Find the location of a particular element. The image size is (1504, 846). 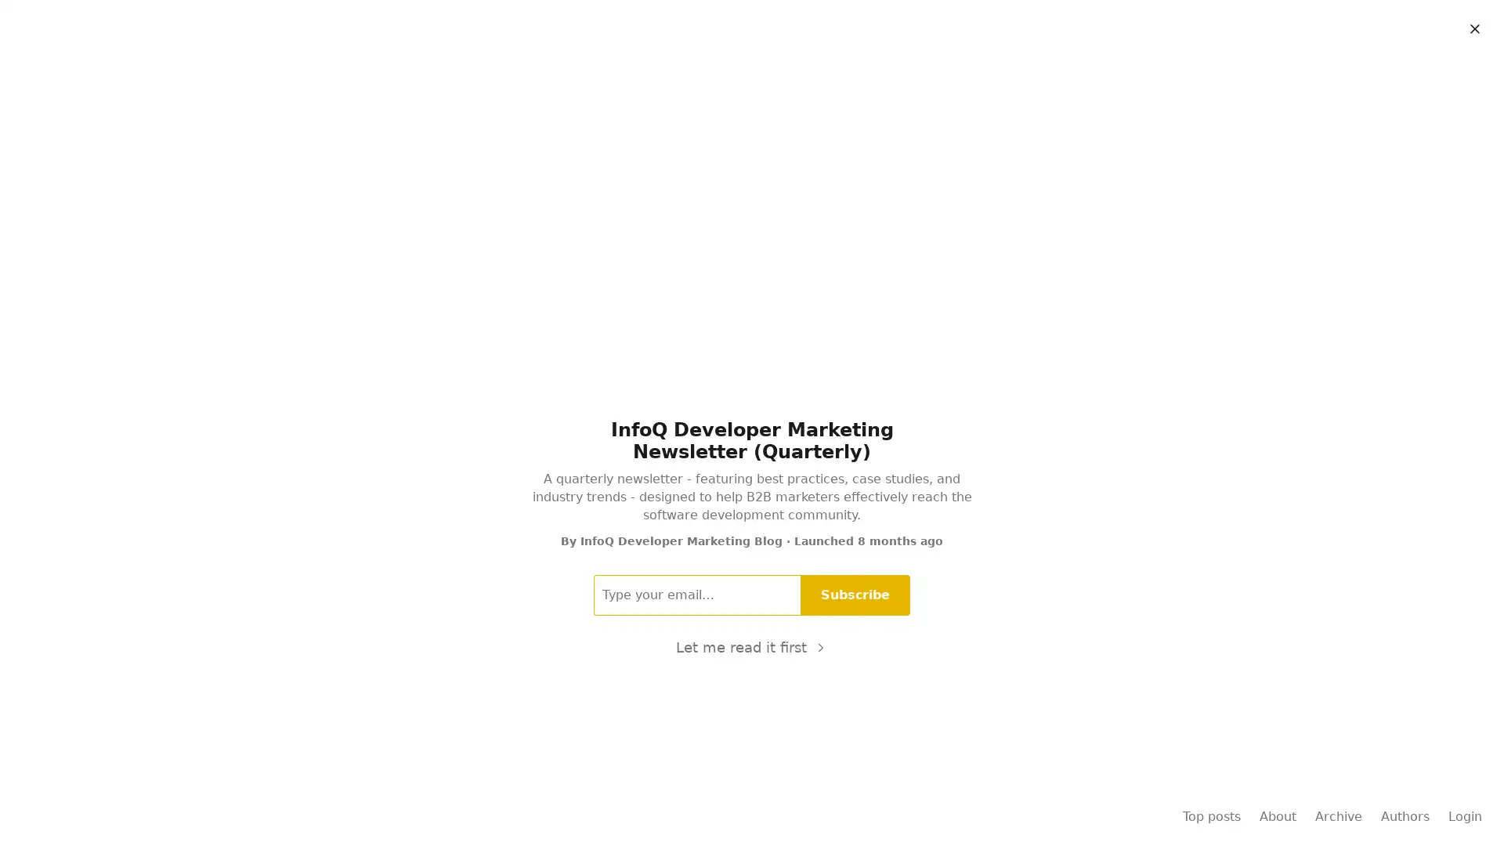

Home is located at coordinates (524, 68).